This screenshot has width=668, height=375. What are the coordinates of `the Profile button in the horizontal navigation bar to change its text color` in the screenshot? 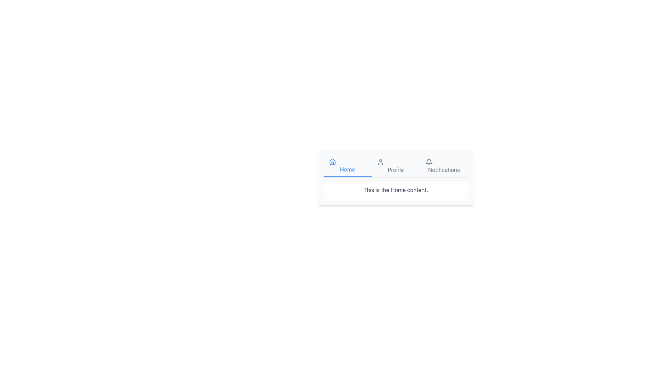 It's located at (396, 166).